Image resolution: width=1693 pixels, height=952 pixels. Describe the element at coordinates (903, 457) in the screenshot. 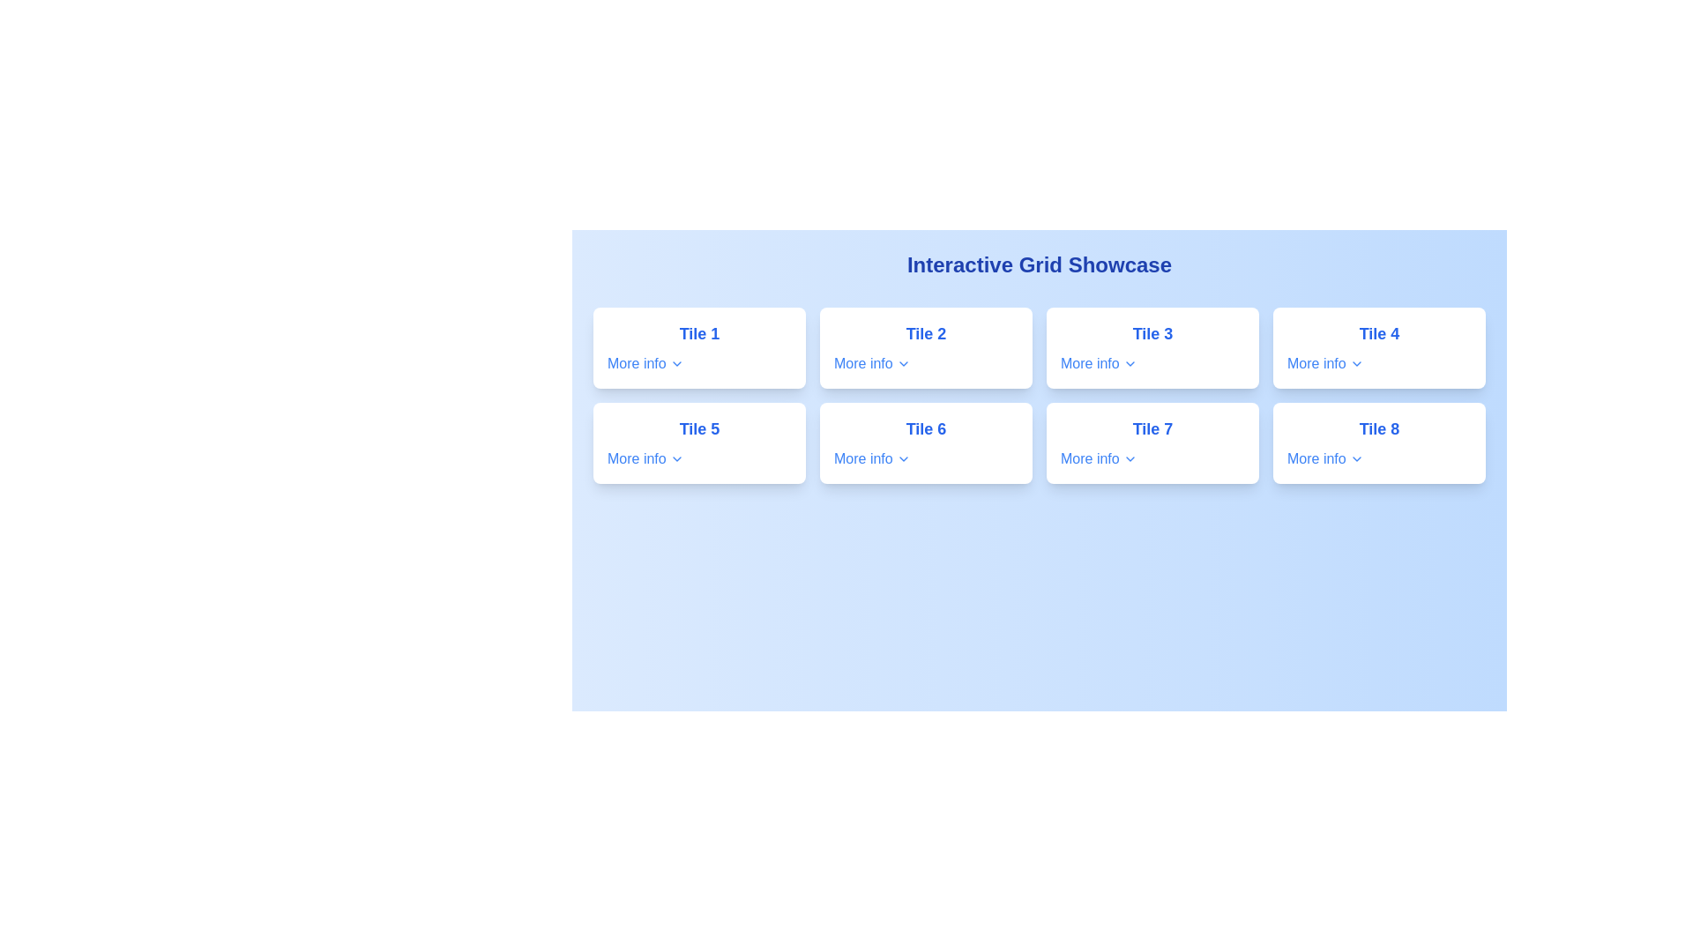

I see `the downward-facing chevron icon located in the bottom-right section of the card labeled 'Tile 6', which is positioned adjacent to the 'More info' text label` at that location.